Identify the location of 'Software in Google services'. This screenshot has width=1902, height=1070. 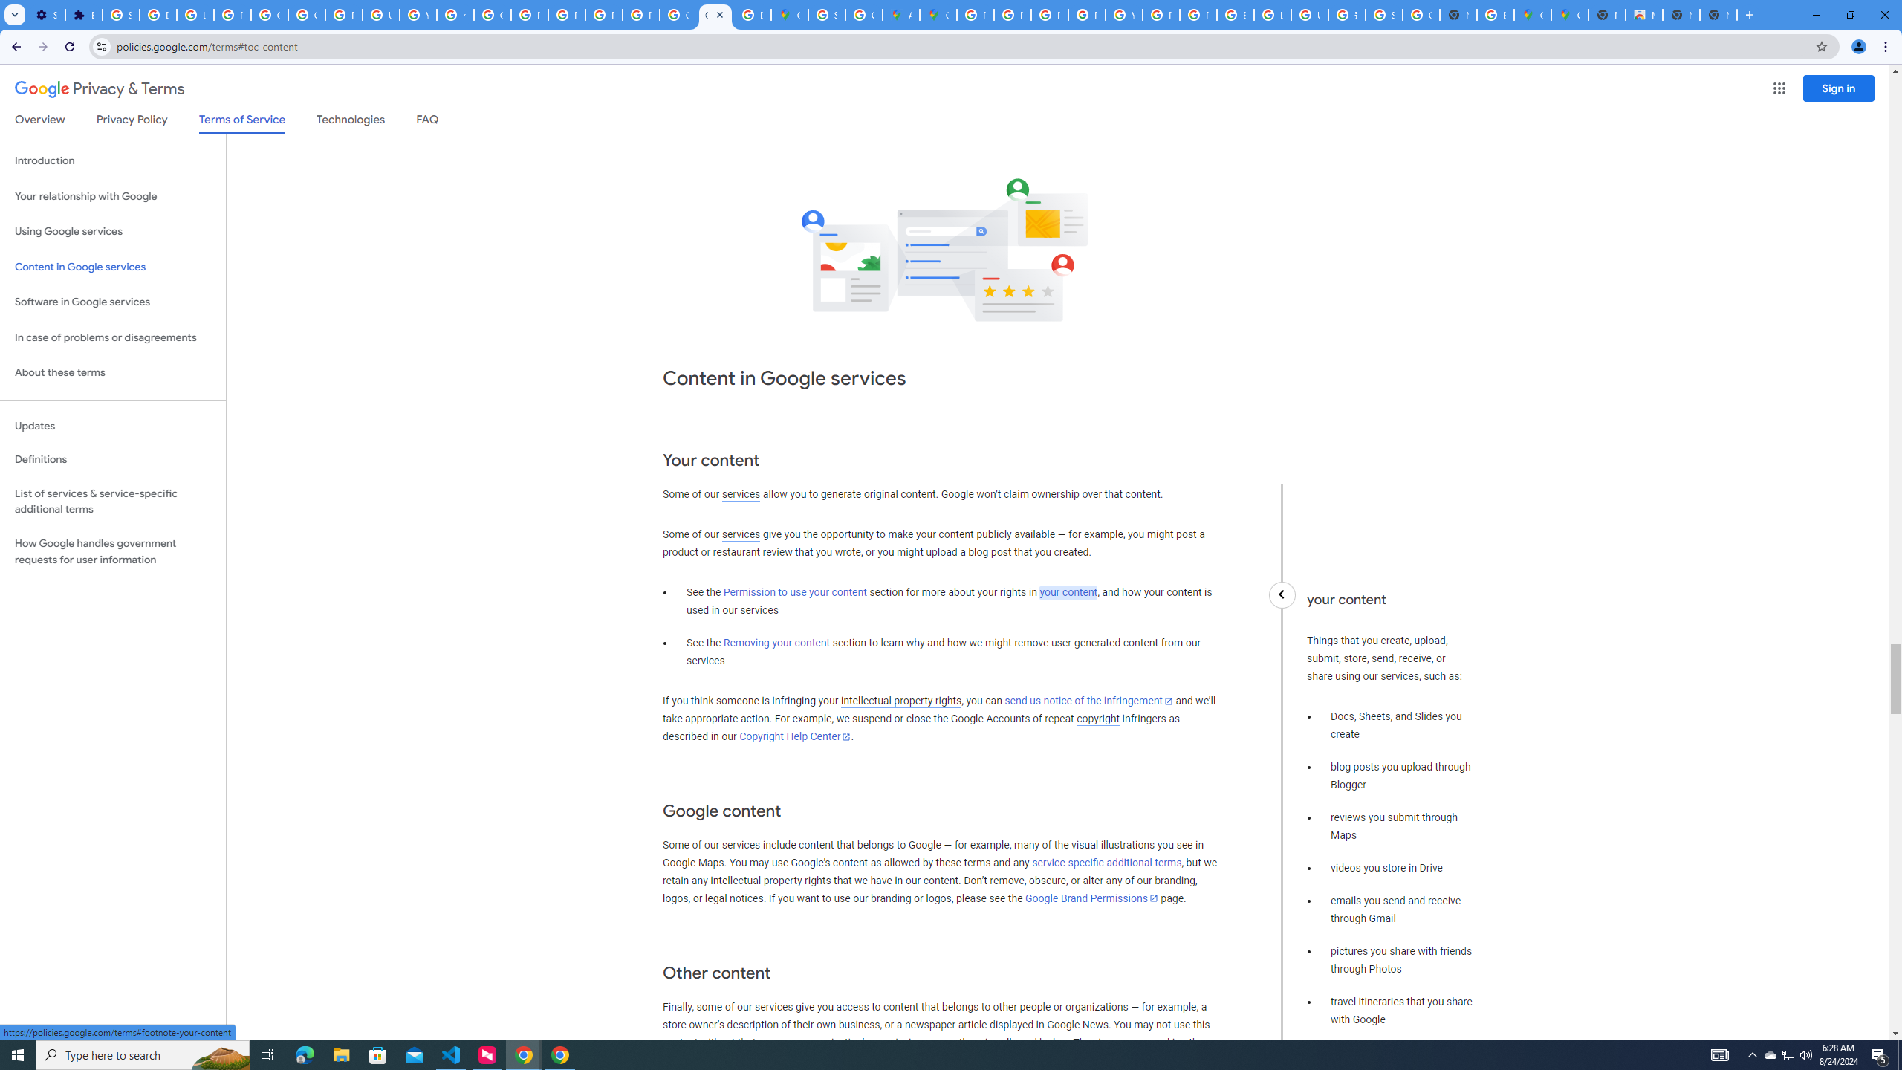
(112, 301).